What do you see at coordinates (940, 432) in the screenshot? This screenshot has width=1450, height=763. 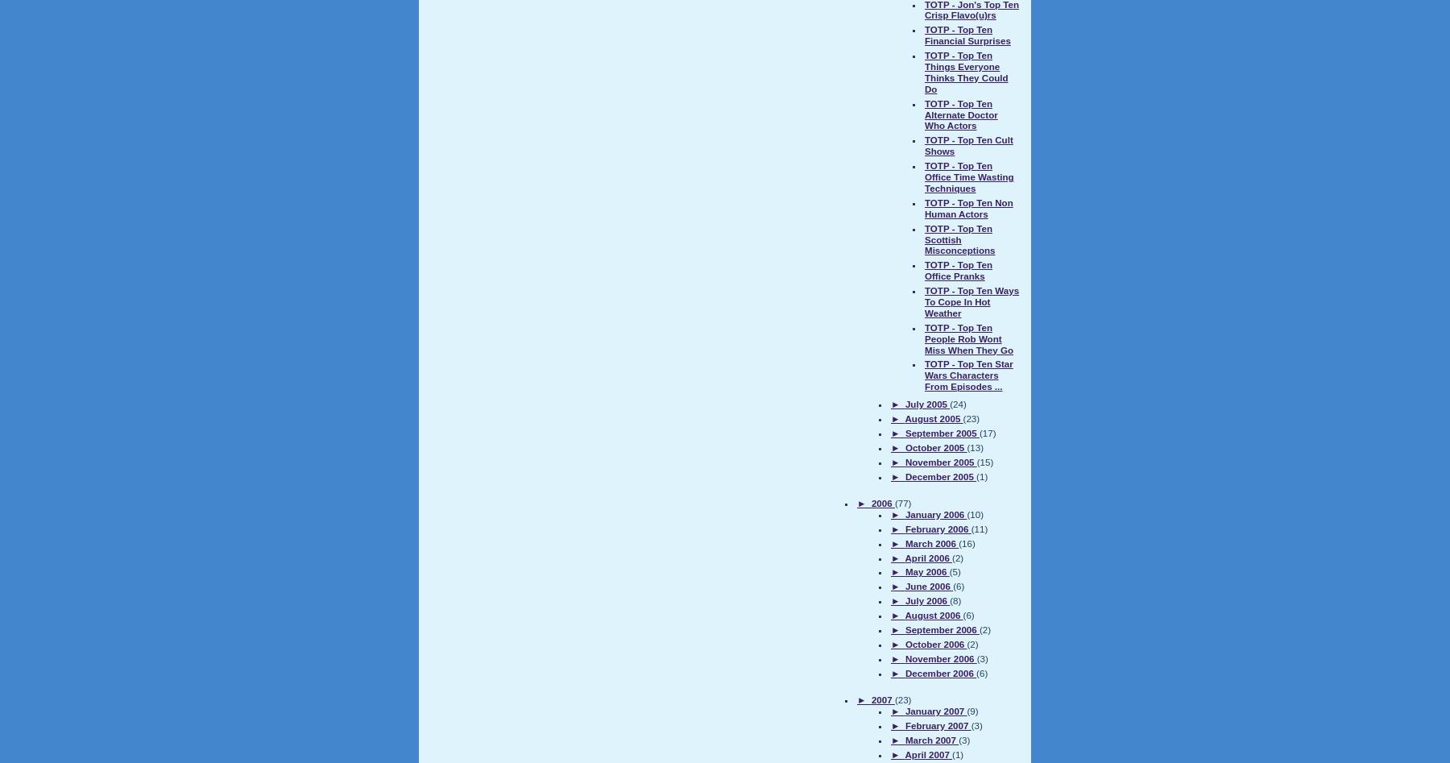 I see `'September 2005'` at bounding box center [940, 432].